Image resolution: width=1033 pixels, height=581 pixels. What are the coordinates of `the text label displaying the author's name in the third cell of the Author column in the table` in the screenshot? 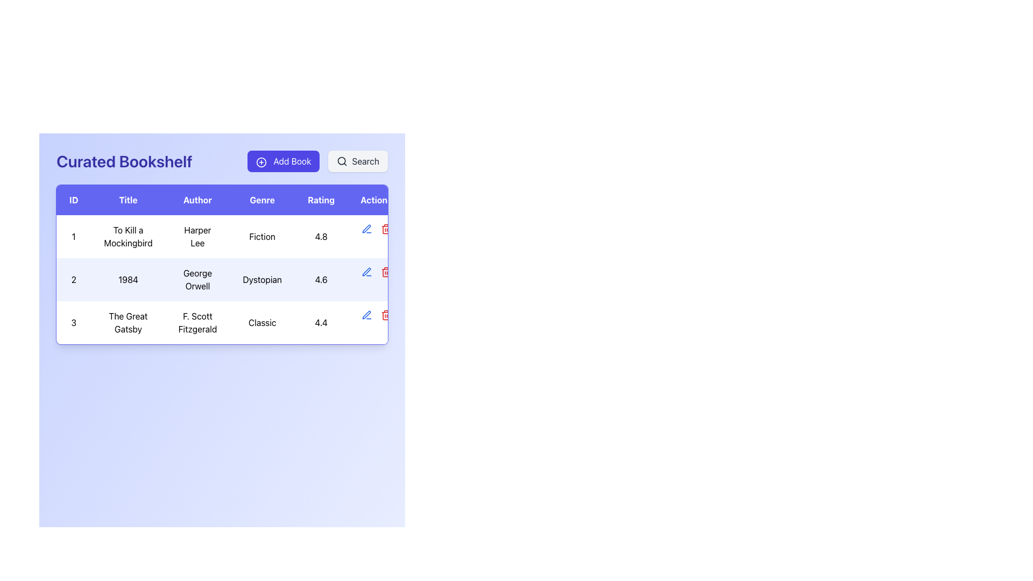 It's located at (197, 322).